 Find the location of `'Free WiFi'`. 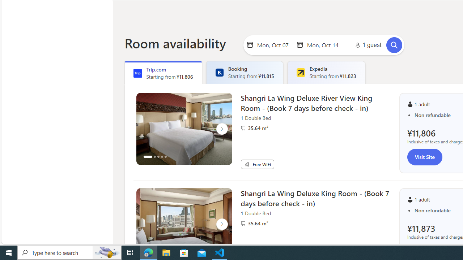

'Free WiFi' is located at coordinates (247, 164).